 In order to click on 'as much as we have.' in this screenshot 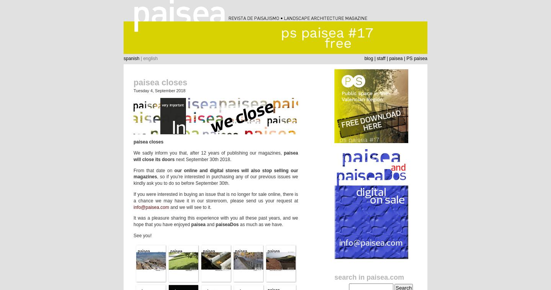, I will do `click(260, 224)`.